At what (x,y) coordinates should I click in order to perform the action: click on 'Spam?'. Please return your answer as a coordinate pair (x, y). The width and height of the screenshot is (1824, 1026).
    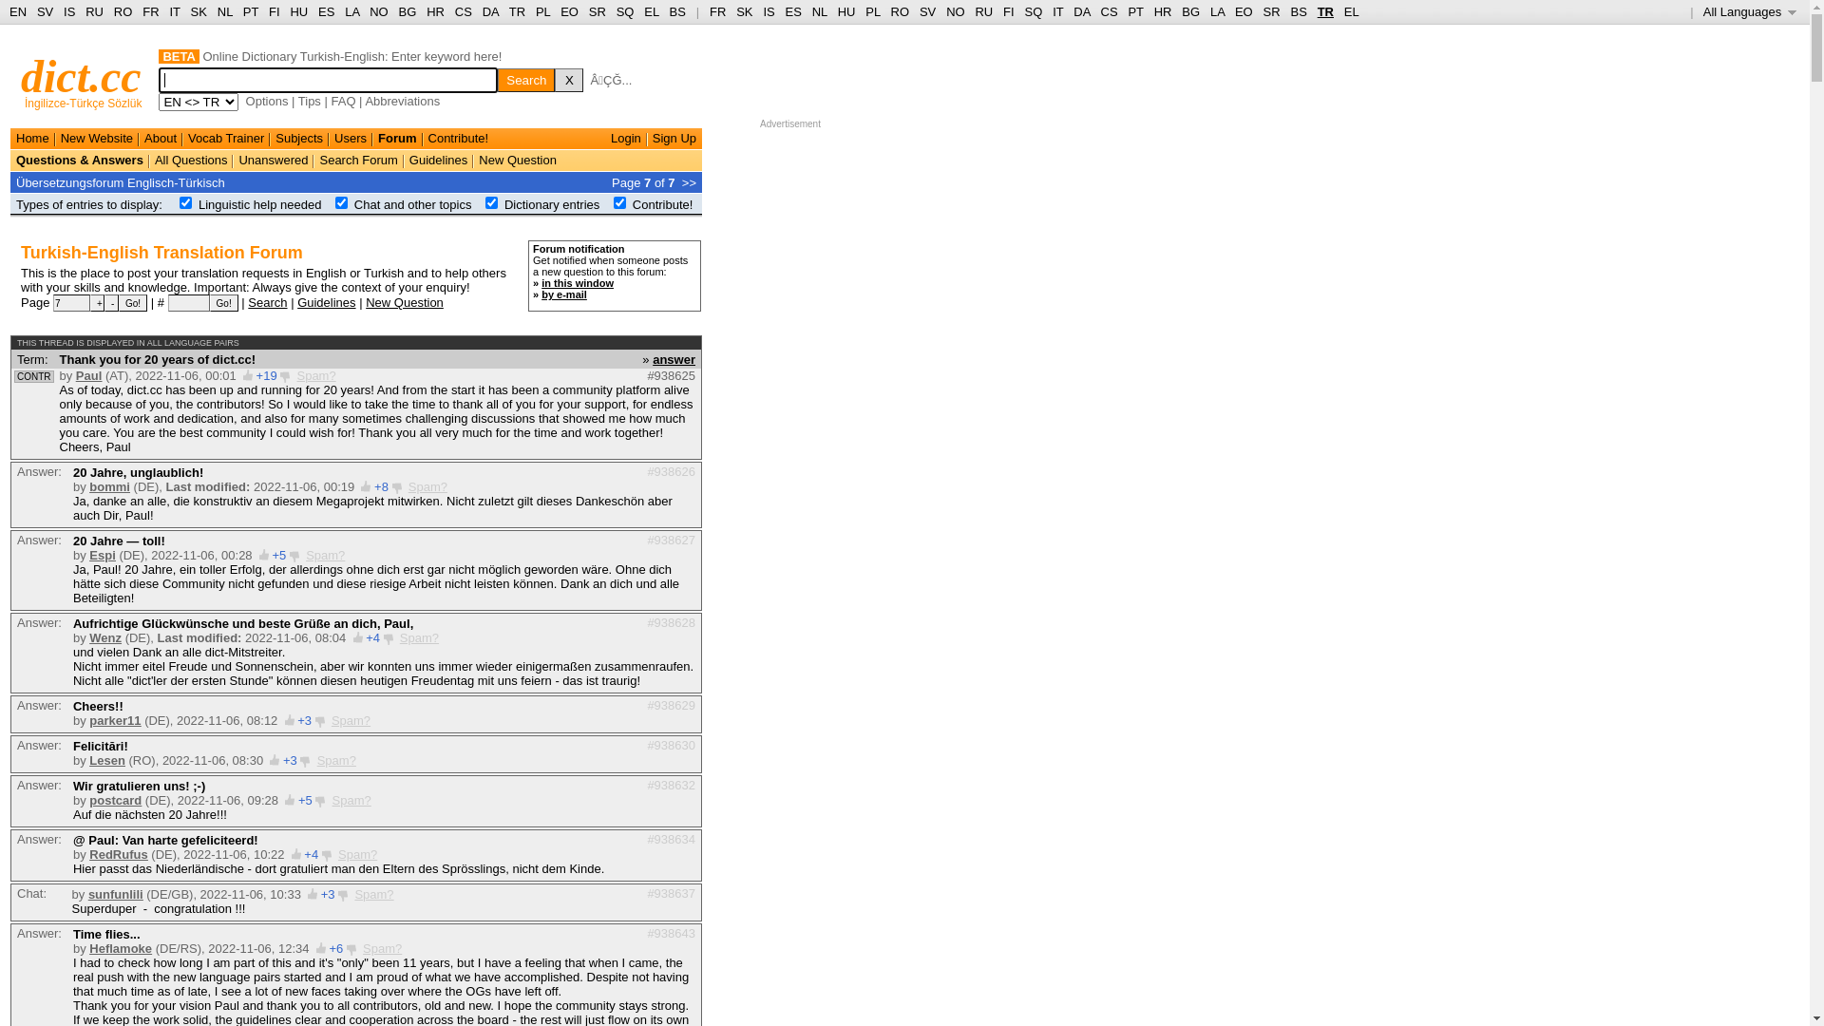
    Looking at the image, I should click on (315, 375).